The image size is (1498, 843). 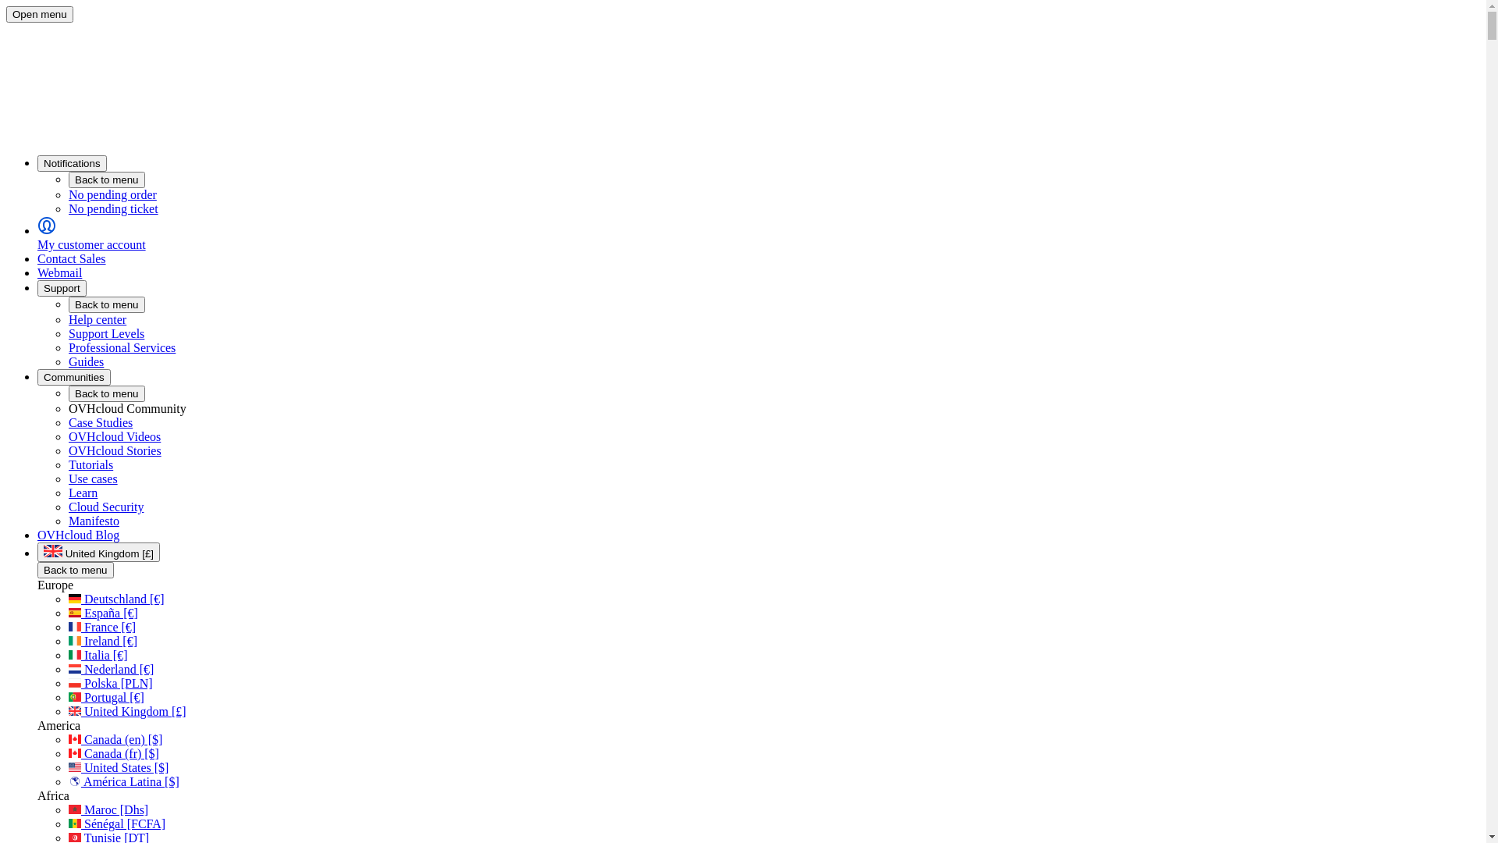 I want to click on 'No pending order', so click(x=67, y=194).